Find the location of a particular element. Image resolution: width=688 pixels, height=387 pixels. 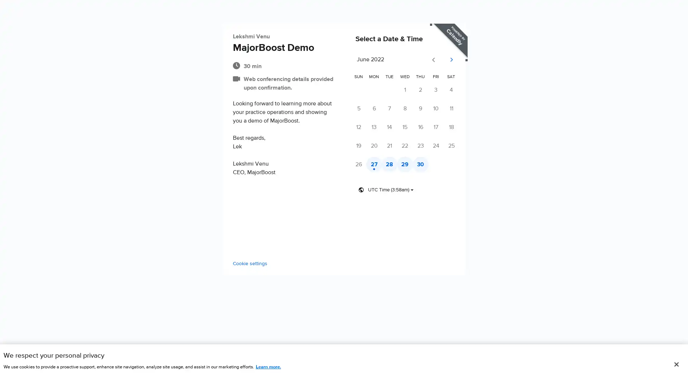

Cookie settings is located at coordinates (228, 263).